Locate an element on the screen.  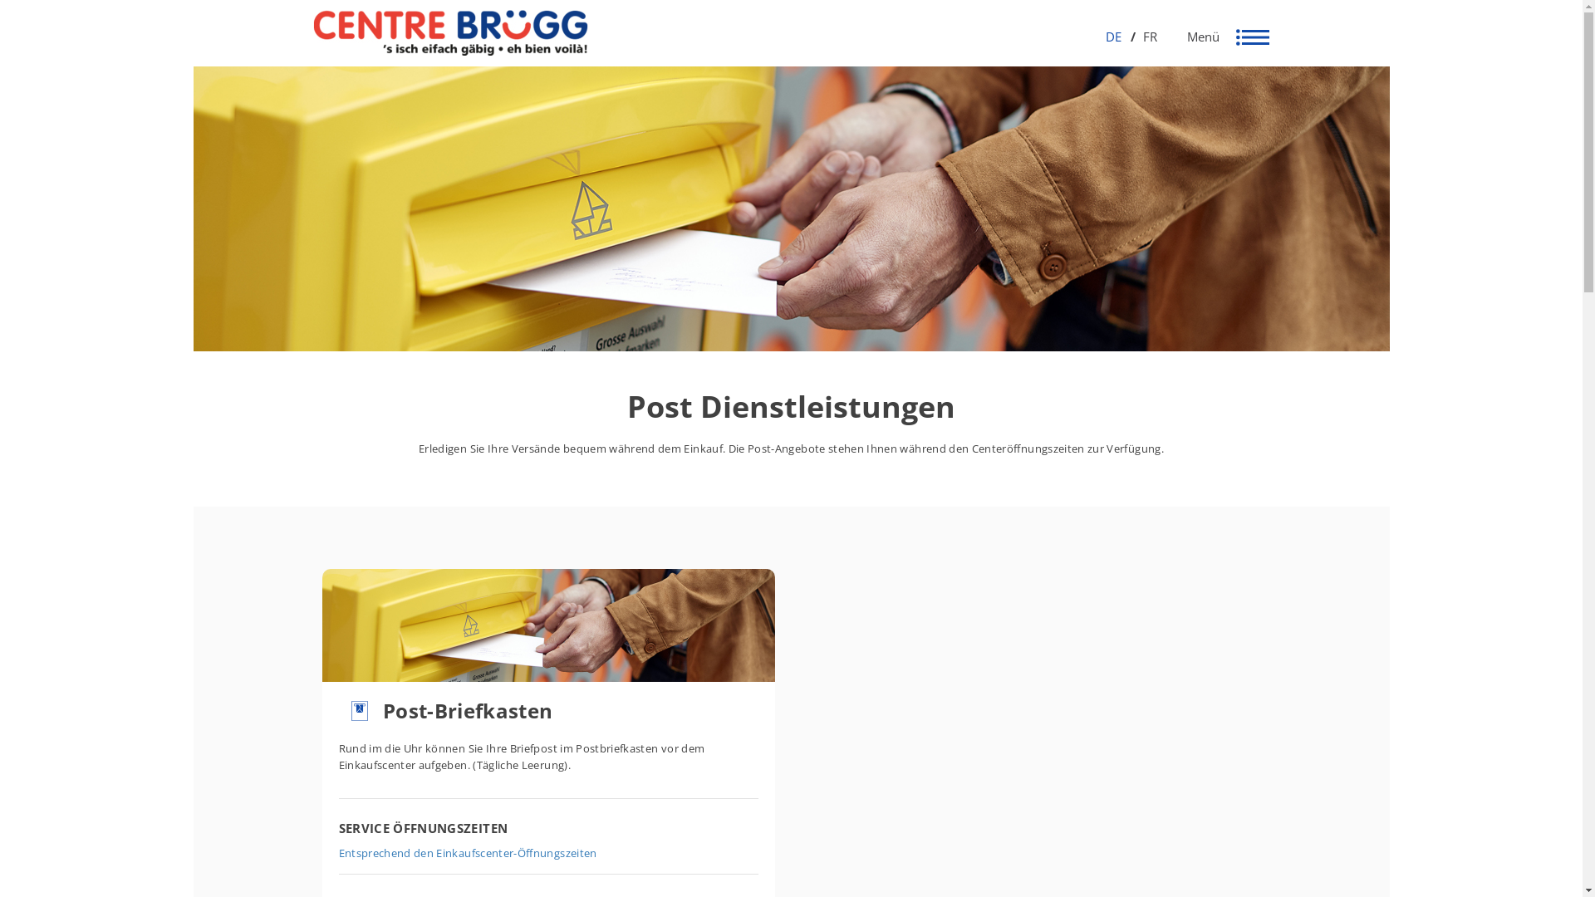
'FR' is located at coordinates (1143, 36).